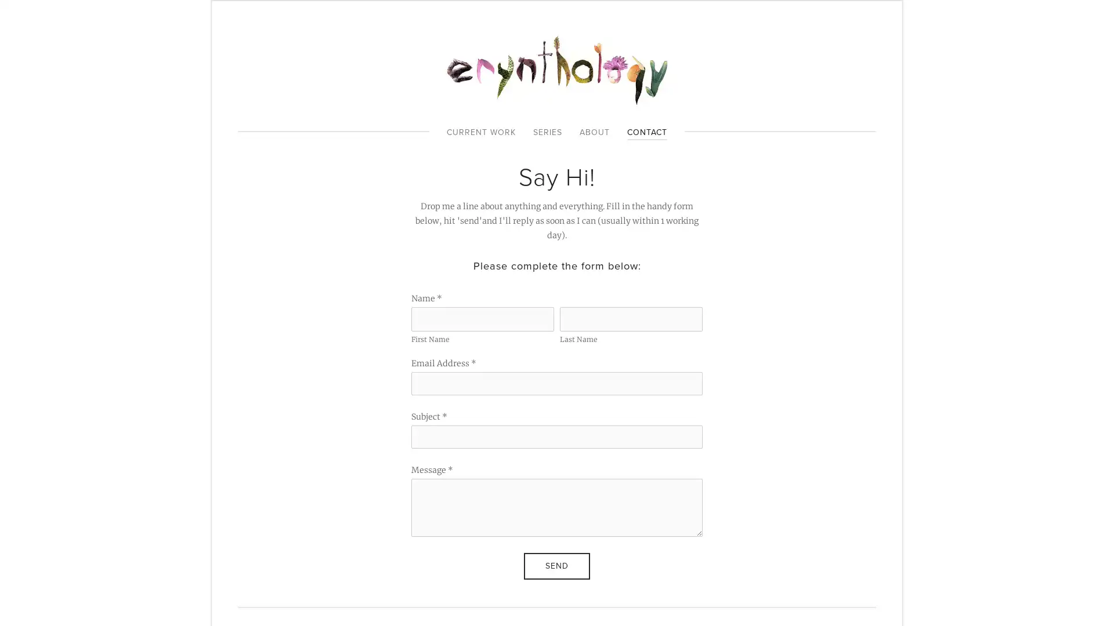 The height and width of the screenshot is (626, 1114). Describe the element at coordinates (557, 565) in the screenshot. I see `Send` at that location.